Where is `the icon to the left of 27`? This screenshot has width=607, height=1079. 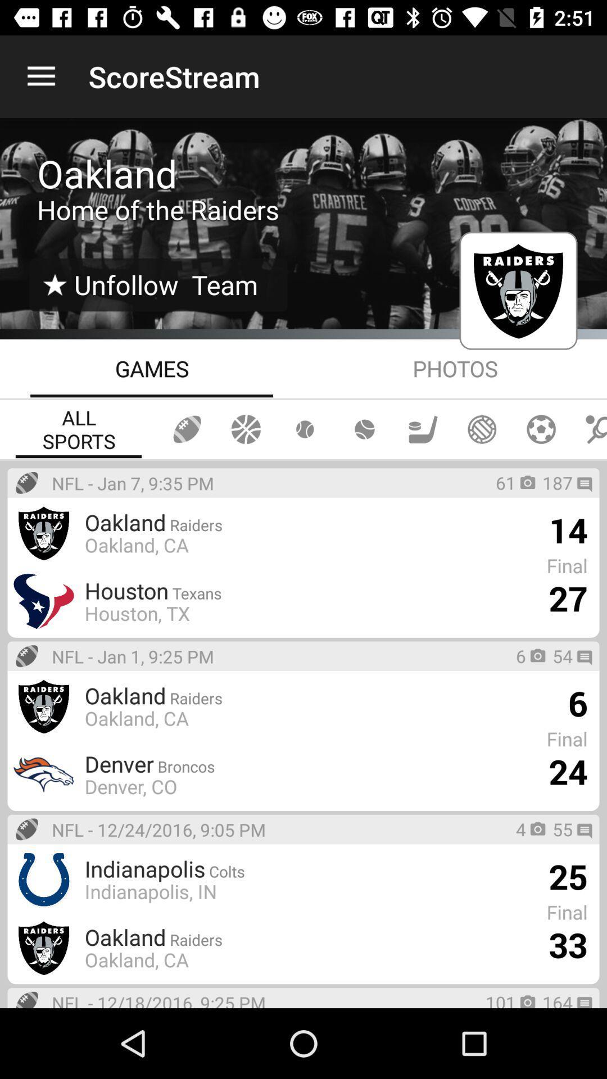 the icon to the left of 27 is located at coordinates (137, 613).